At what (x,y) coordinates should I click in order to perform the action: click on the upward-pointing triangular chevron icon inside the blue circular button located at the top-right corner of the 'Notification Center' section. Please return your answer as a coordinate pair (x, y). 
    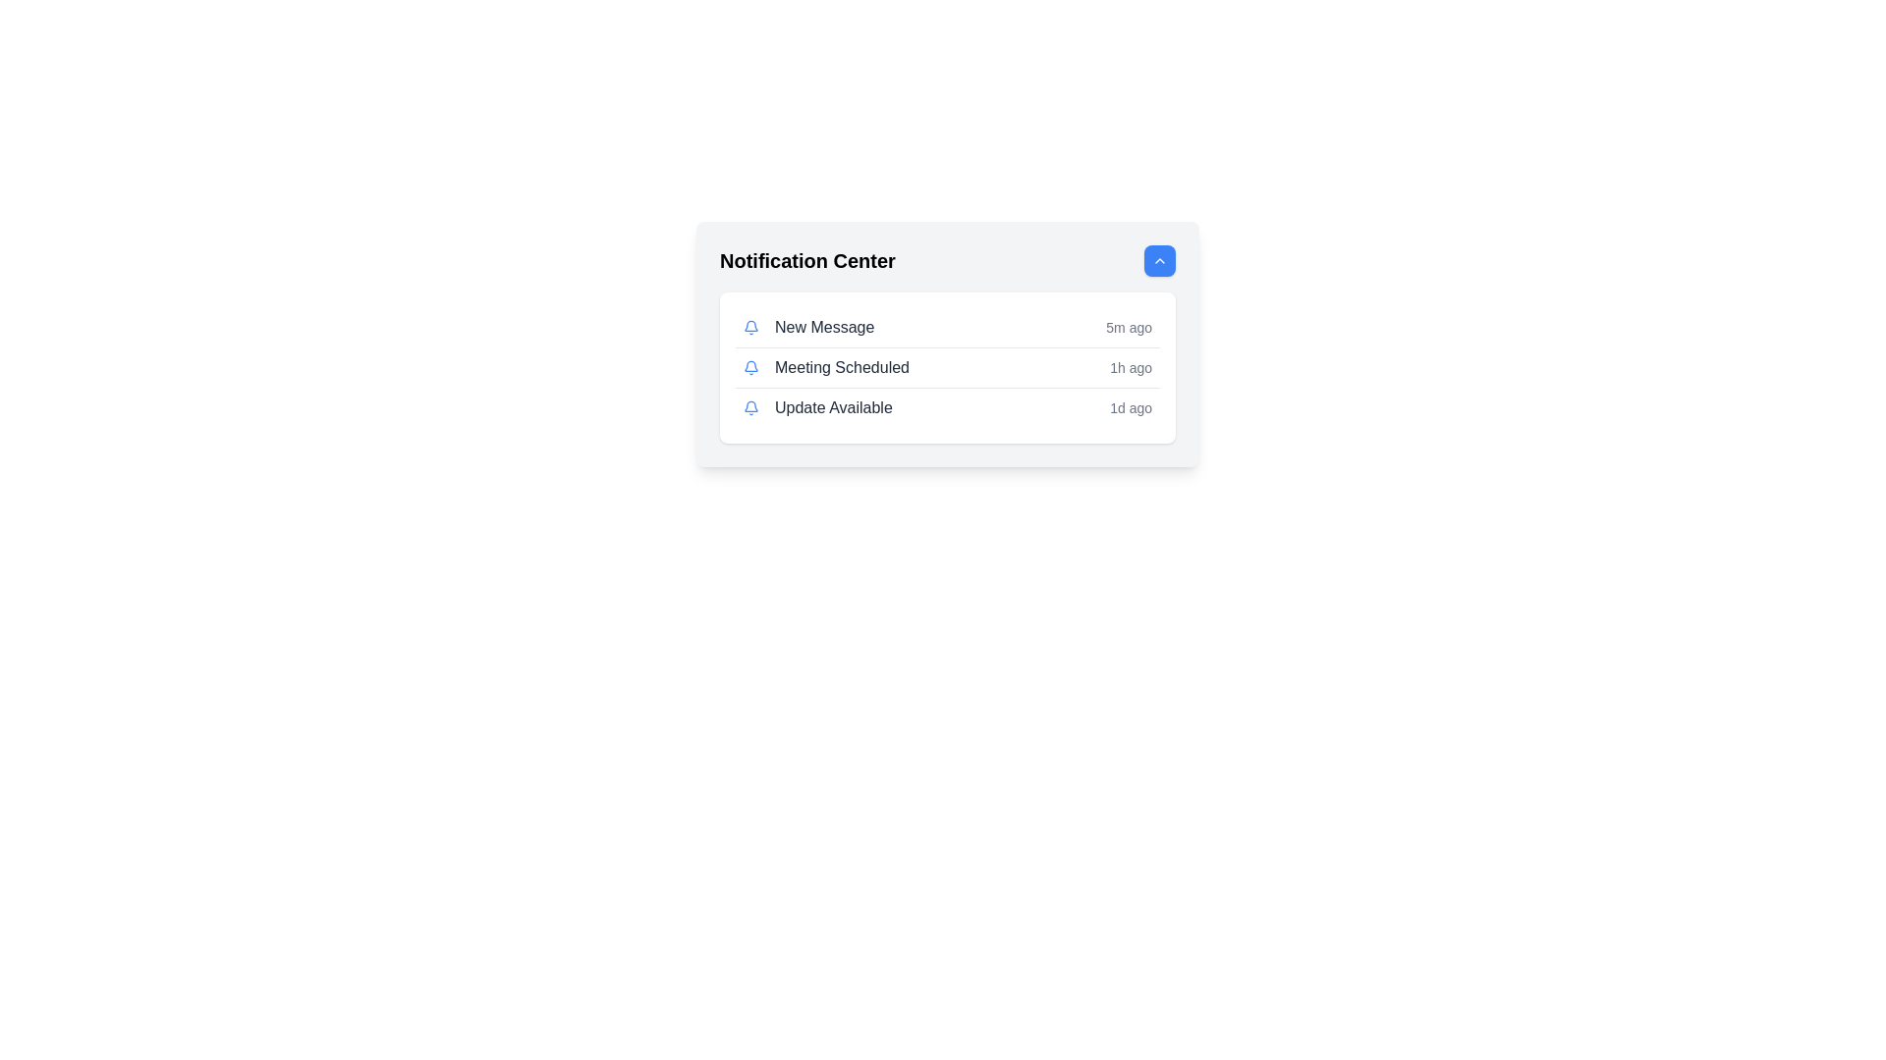
    Looking at the image, I should click on (1159, 260).